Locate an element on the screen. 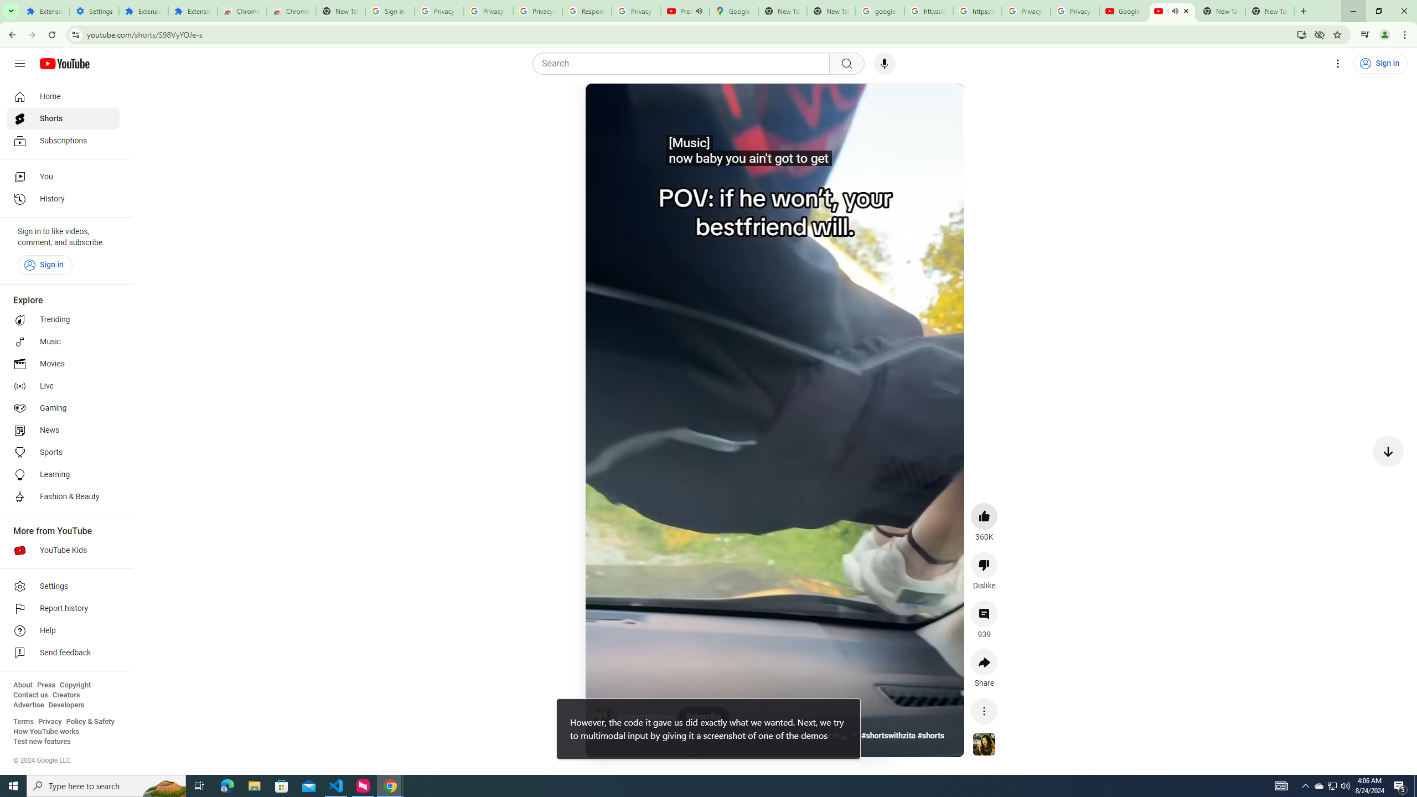 The width and height of the screenshot is (1417, 797). 'Trending' is located at coordinates (63, 320).